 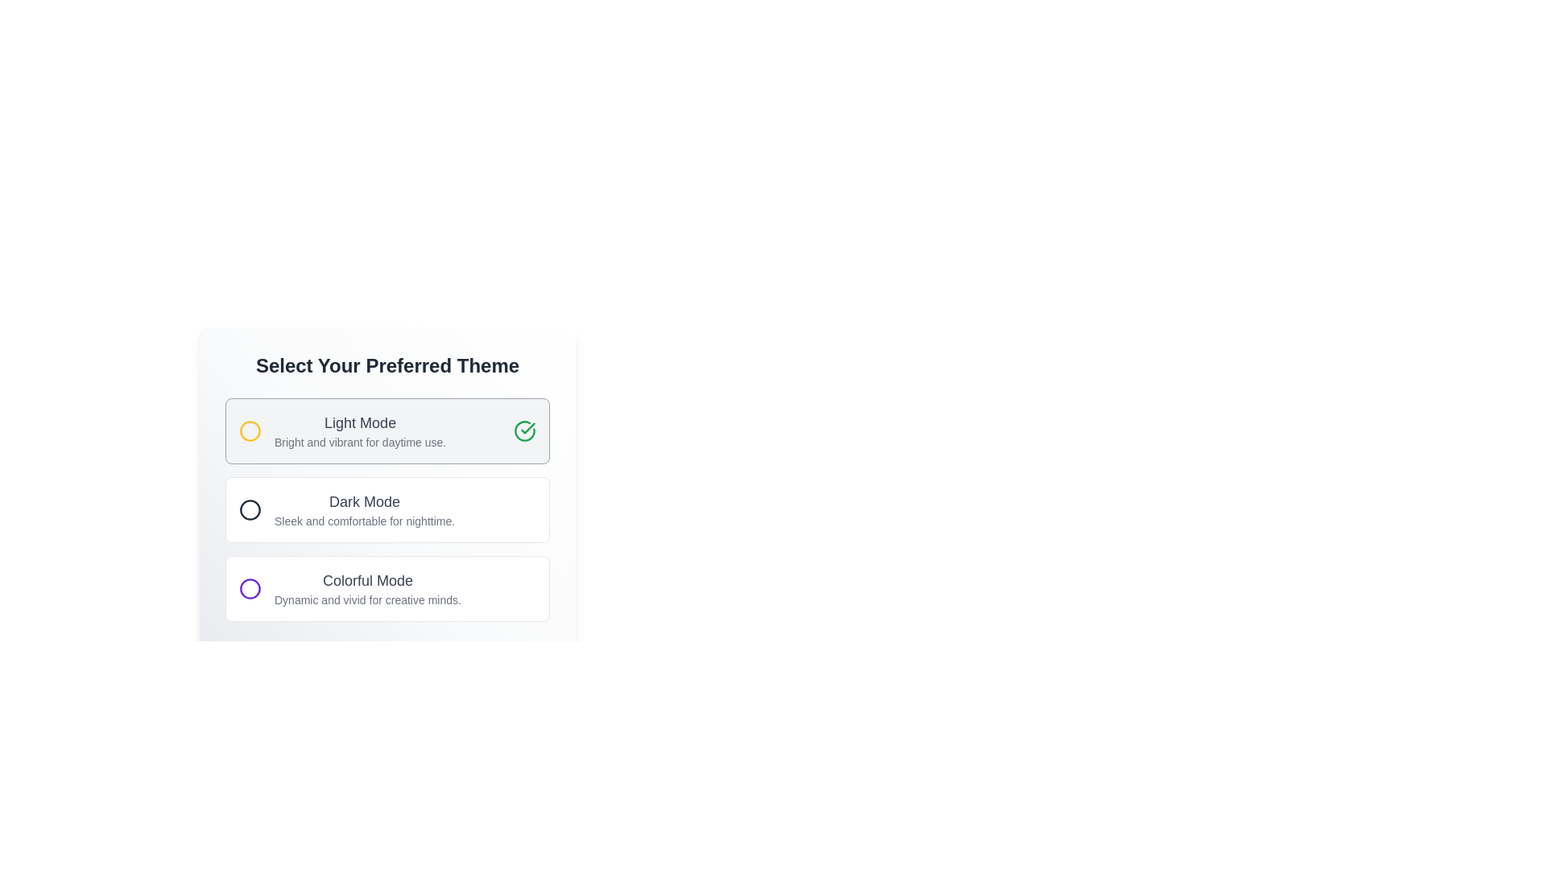 What do you see at coordinates (250, 589) in the screenshot?
I see `the SVG Circle element that is part of the 'Colorful Mode' option, located to the left of the text label, with a stroke outline and no fill` at bounding box center [250, 589].